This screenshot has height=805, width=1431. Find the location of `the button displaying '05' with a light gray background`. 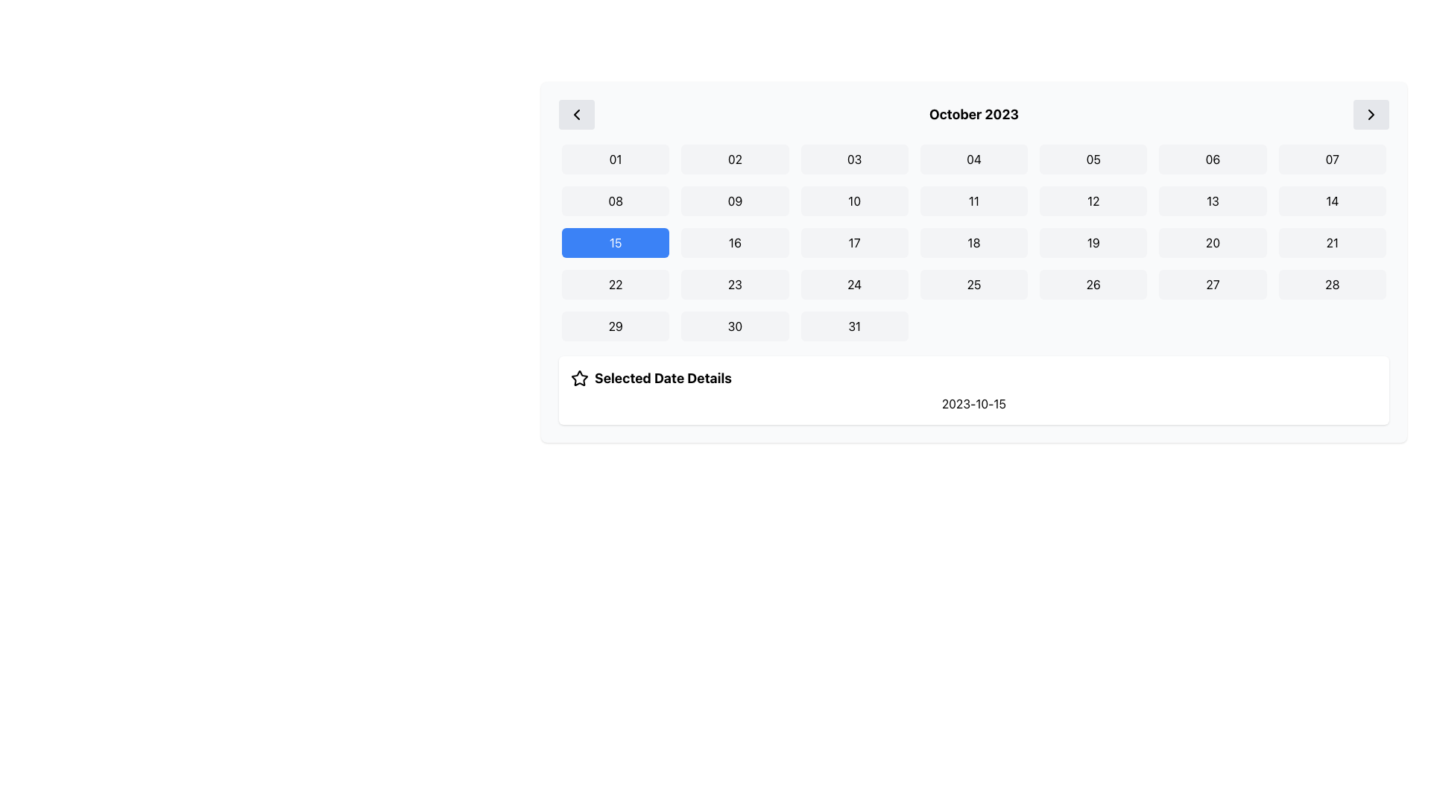

the button displaying '05' with a light gray background is located at coordinates (1093, 159).